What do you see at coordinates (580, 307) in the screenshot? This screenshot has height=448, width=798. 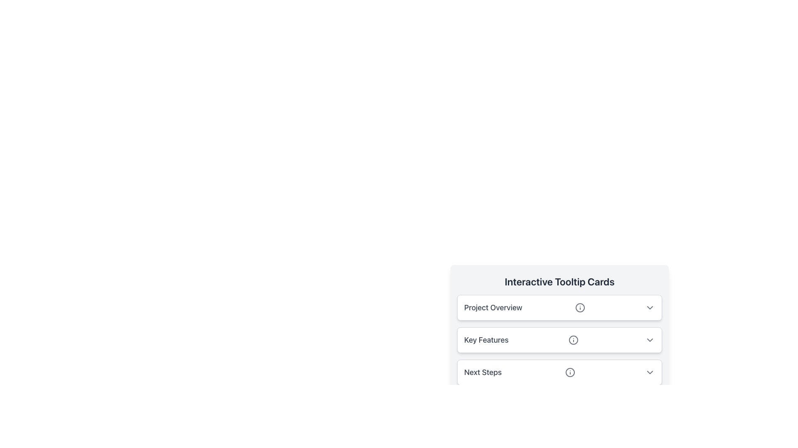 I see `the interactive information icon located to the right of the 'Project Overview' text in the header bar` at bounding box center [580, 307].